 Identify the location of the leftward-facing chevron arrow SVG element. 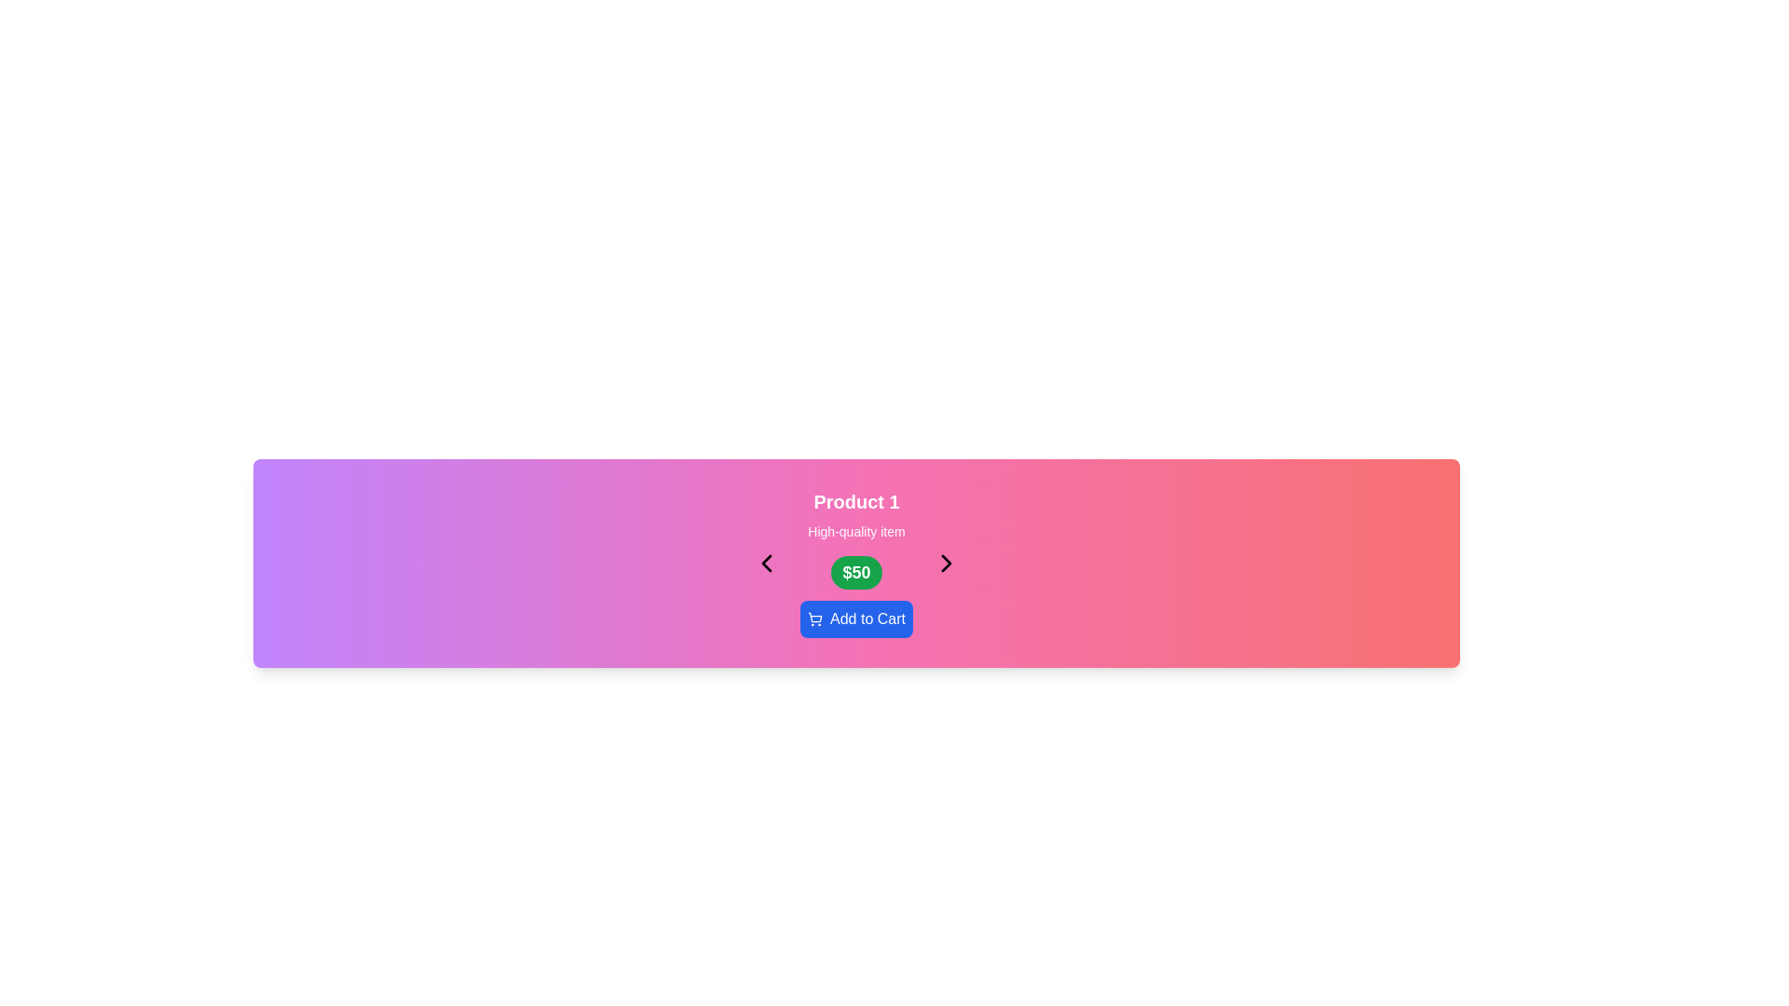
(767, 563).